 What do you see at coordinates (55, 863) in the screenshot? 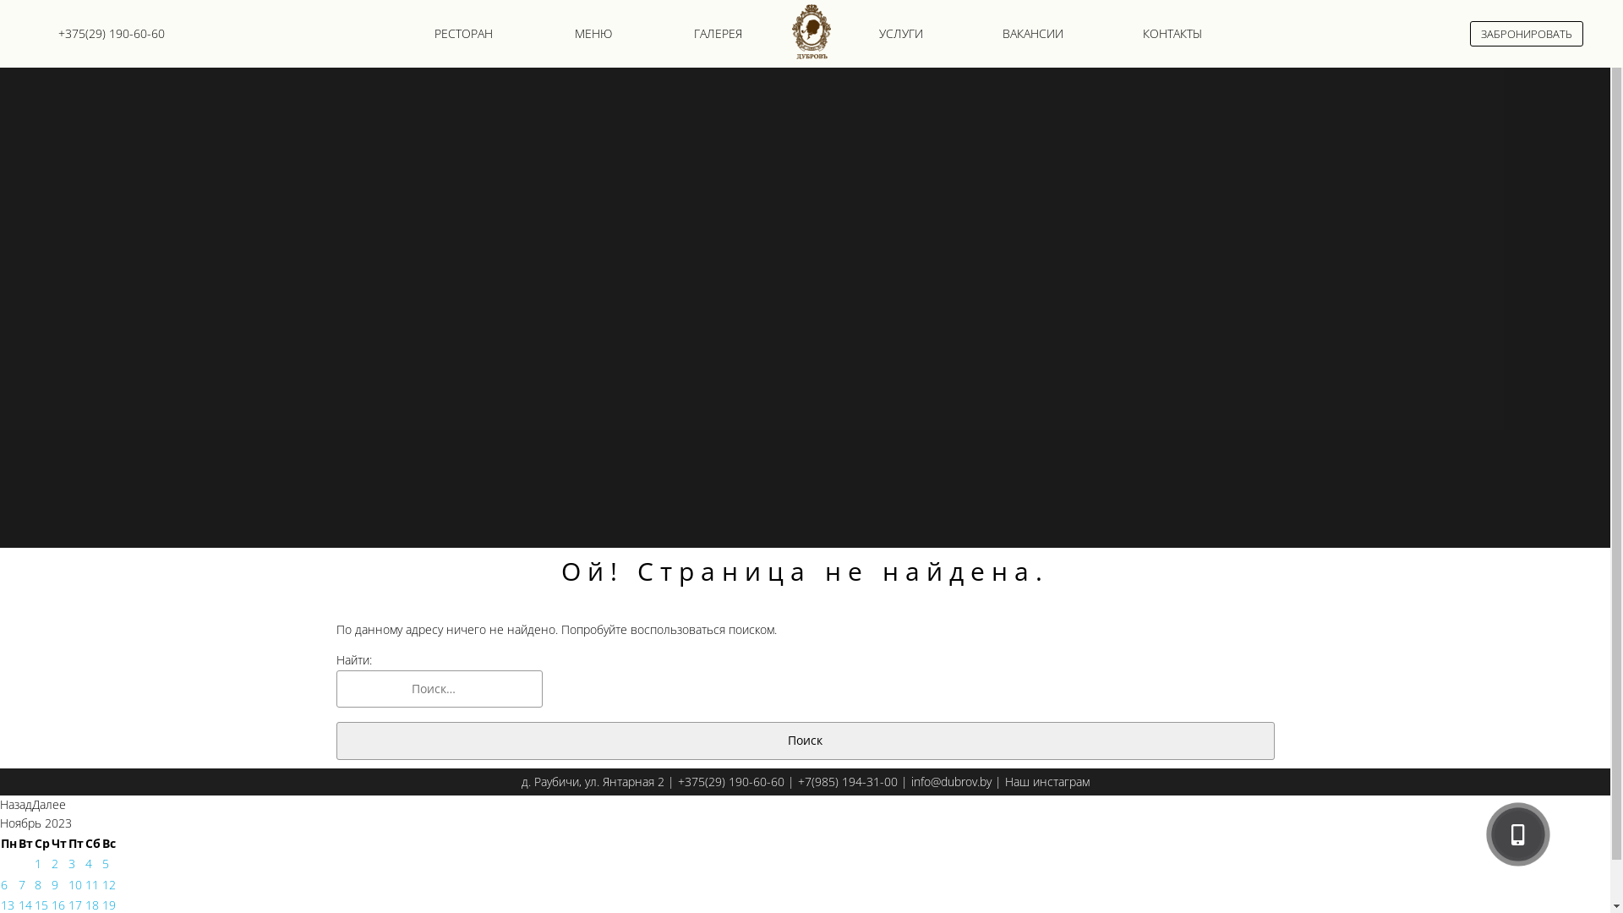
I see `'2'` at bounding box center [55, 863].